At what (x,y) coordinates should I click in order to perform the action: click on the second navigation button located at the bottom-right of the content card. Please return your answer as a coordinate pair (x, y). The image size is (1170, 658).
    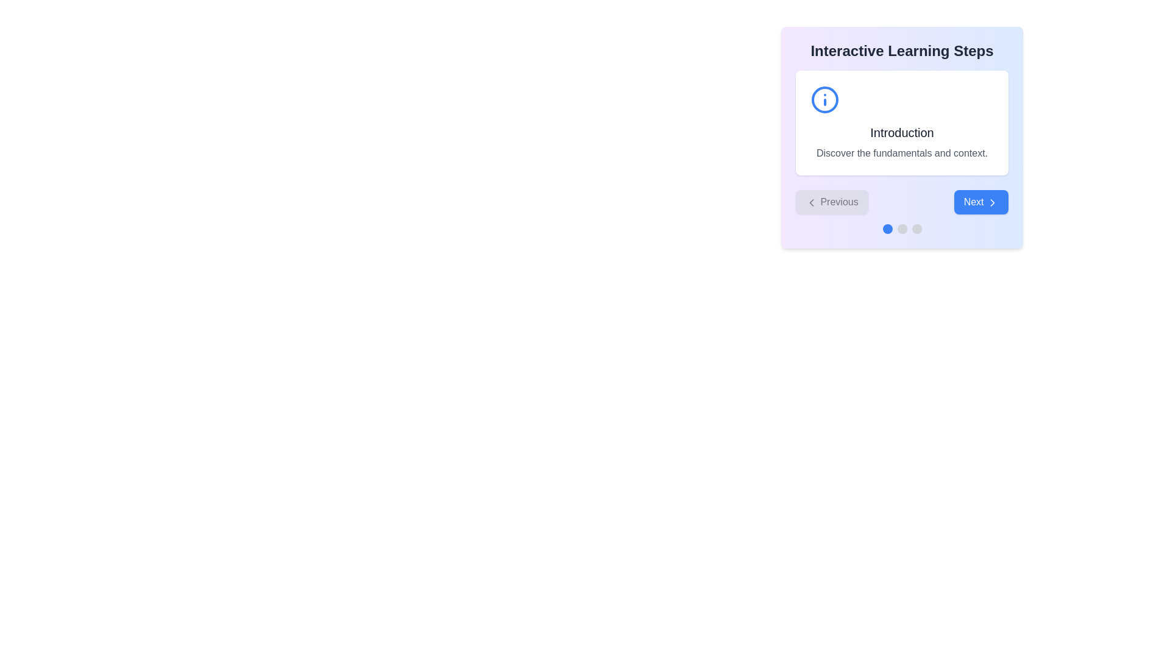
    Looking at the image, I should click on (981, 201).